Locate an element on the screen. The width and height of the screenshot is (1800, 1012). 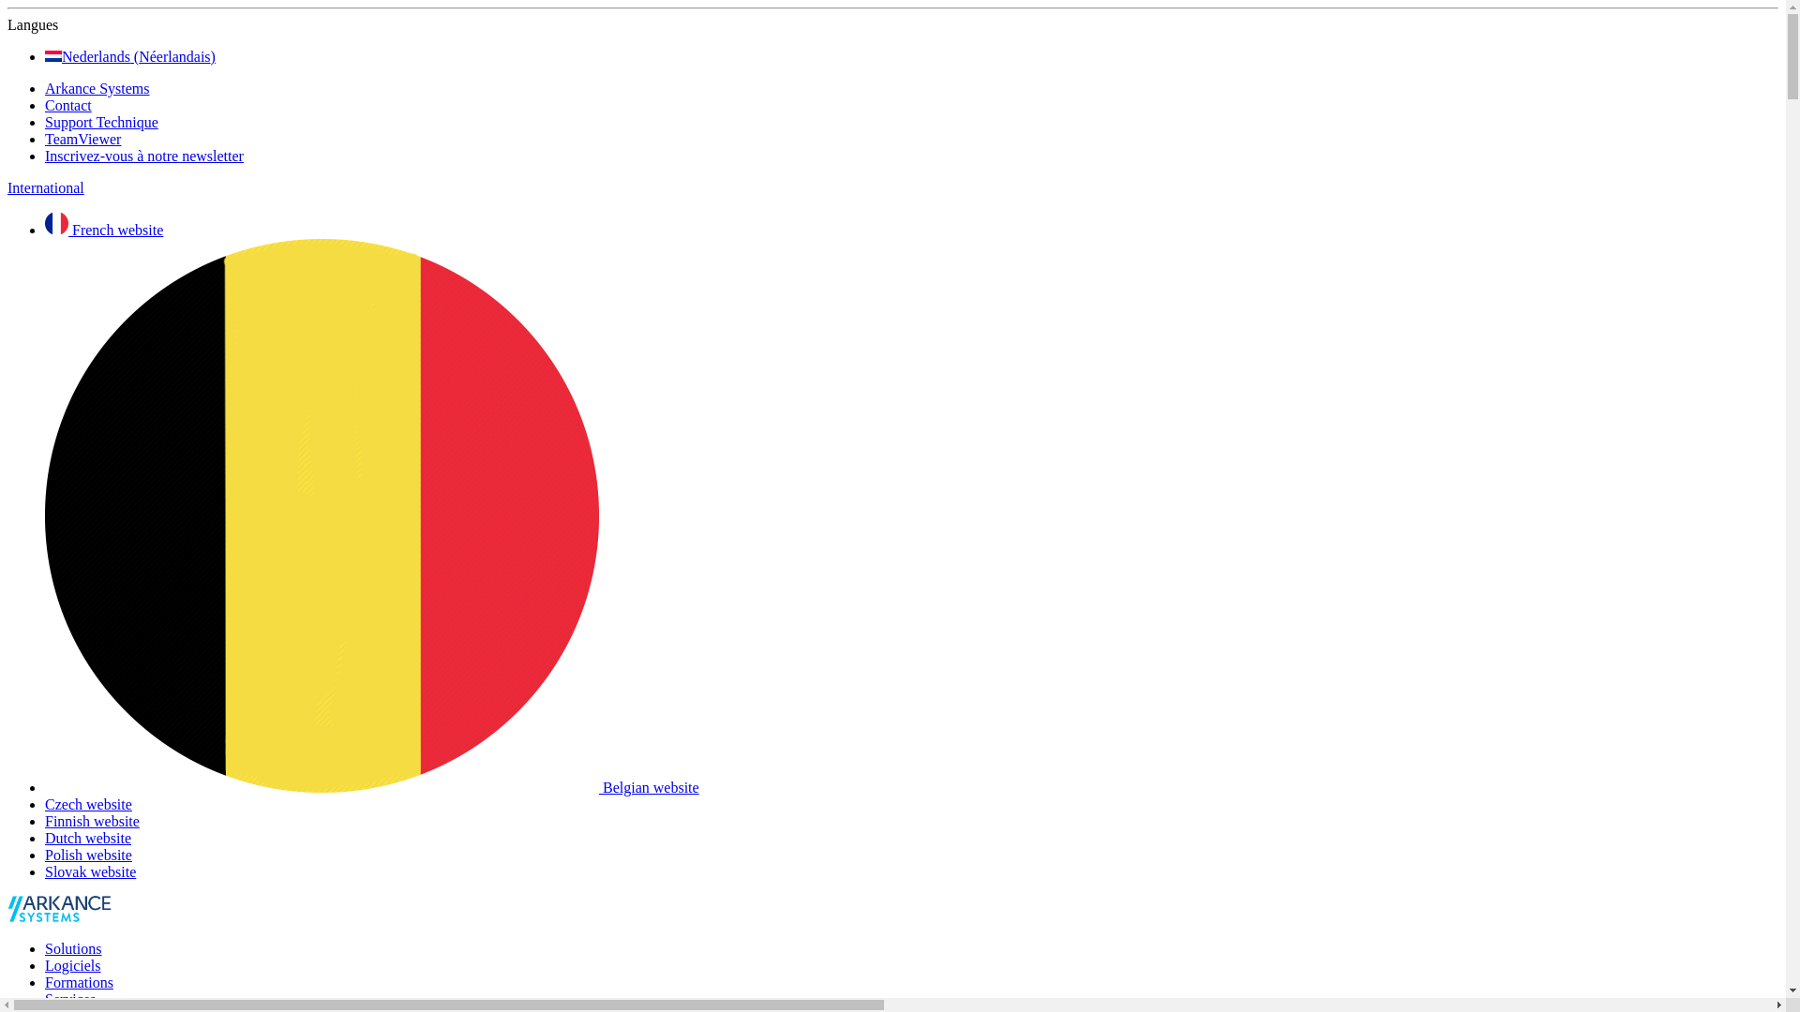
'International' is located at coordinates (7, 187).